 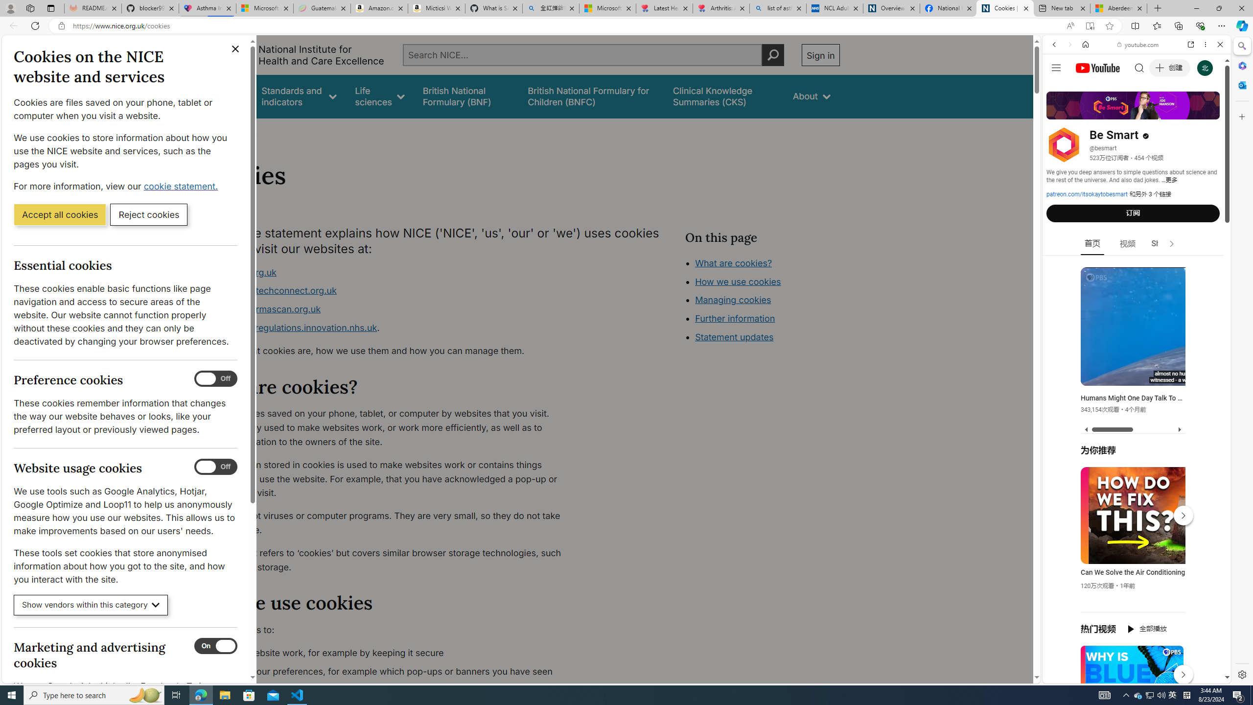 What do you see at coordinates (291, 327) in the screenshot?
I see `'www.digitalregulations.innovation.nhs.uk'` at bounding box center [291, 327].